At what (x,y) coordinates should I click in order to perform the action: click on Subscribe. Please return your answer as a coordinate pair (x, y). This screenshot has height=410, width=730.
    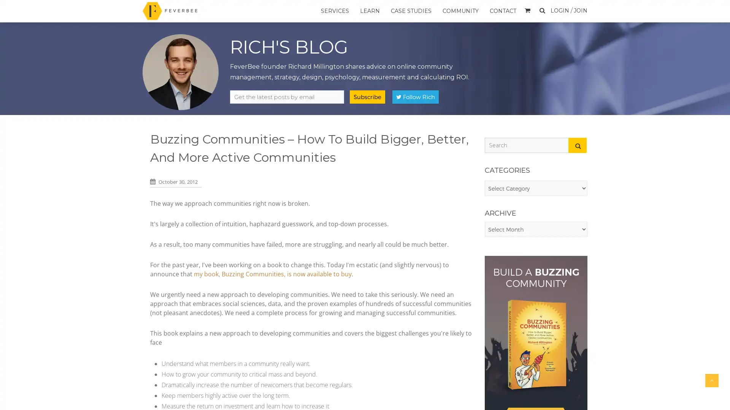
    Looking at the image, I should click on (367, 96).